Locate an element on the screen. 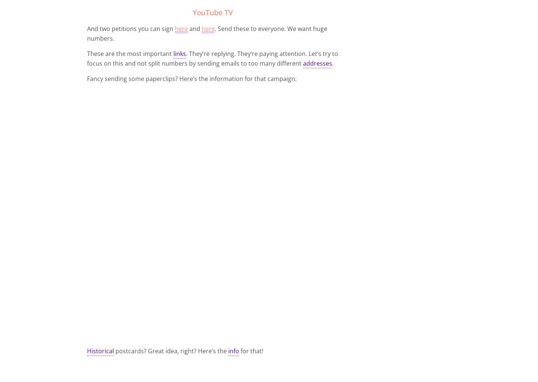 This screenshot has height=382, width=538. 'info' is located at coordinates (233, 351).